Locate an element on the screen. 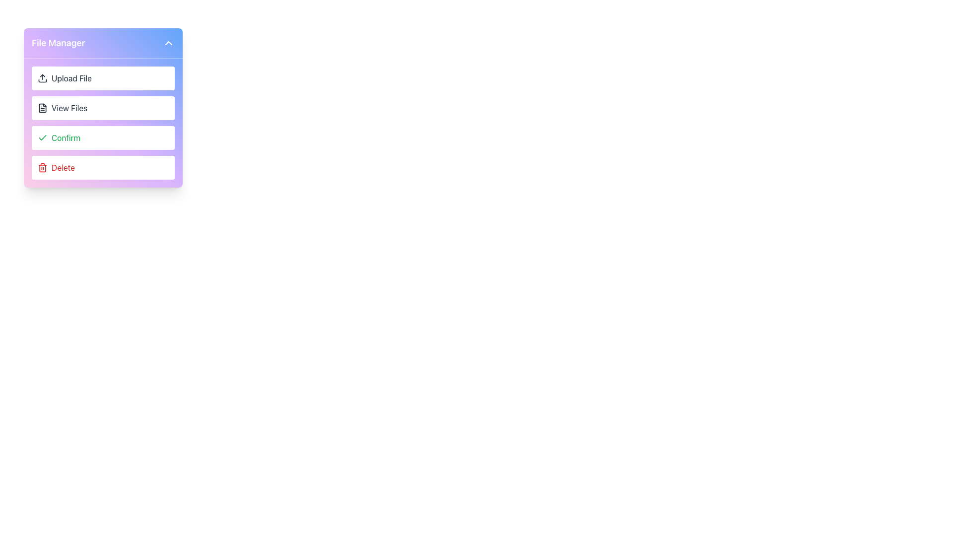 The height and width of the screenshot is (536, 953). the red trash can icon located on the left side of the 'Delete' button in the 'File Manager' panel to initiate delete is located at coordinates (42, 167).